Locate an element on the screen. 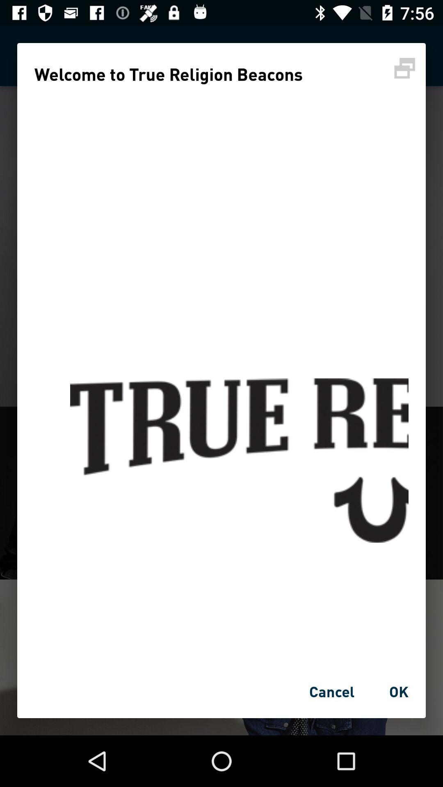 The width and height of the screenshot is (443, 787). screen is located at coordinates (404, 68).